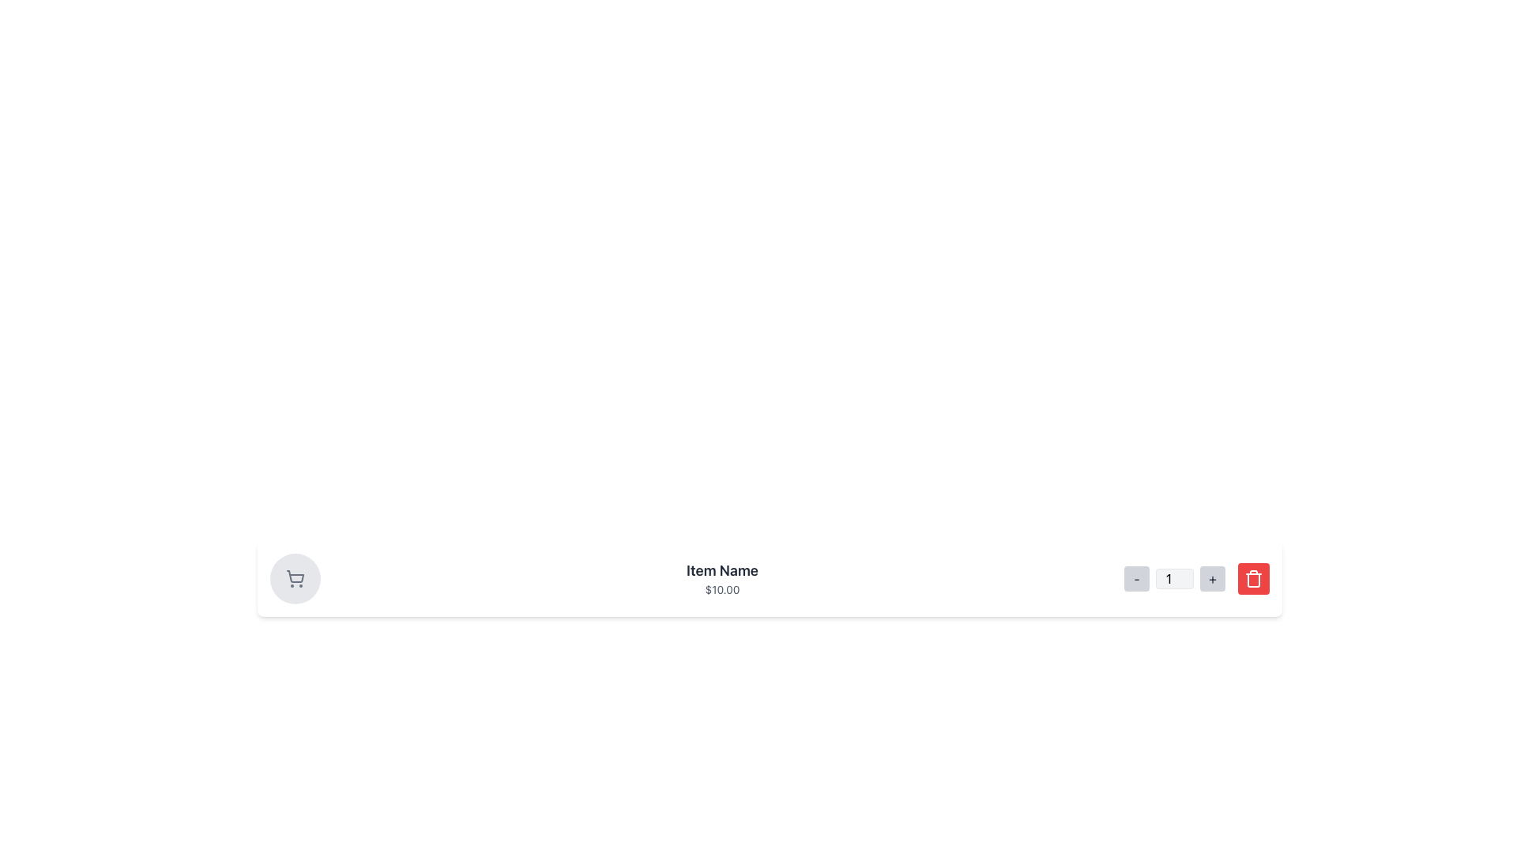 The width and height of the screenshot is (1517, 853). Describe the element at coordinates (721, 578) in the screenshot. I see `the Text display component that shows the name and price of an item in the shopping cart, located between a circular icon and quantity adjustment buttons` at that location.